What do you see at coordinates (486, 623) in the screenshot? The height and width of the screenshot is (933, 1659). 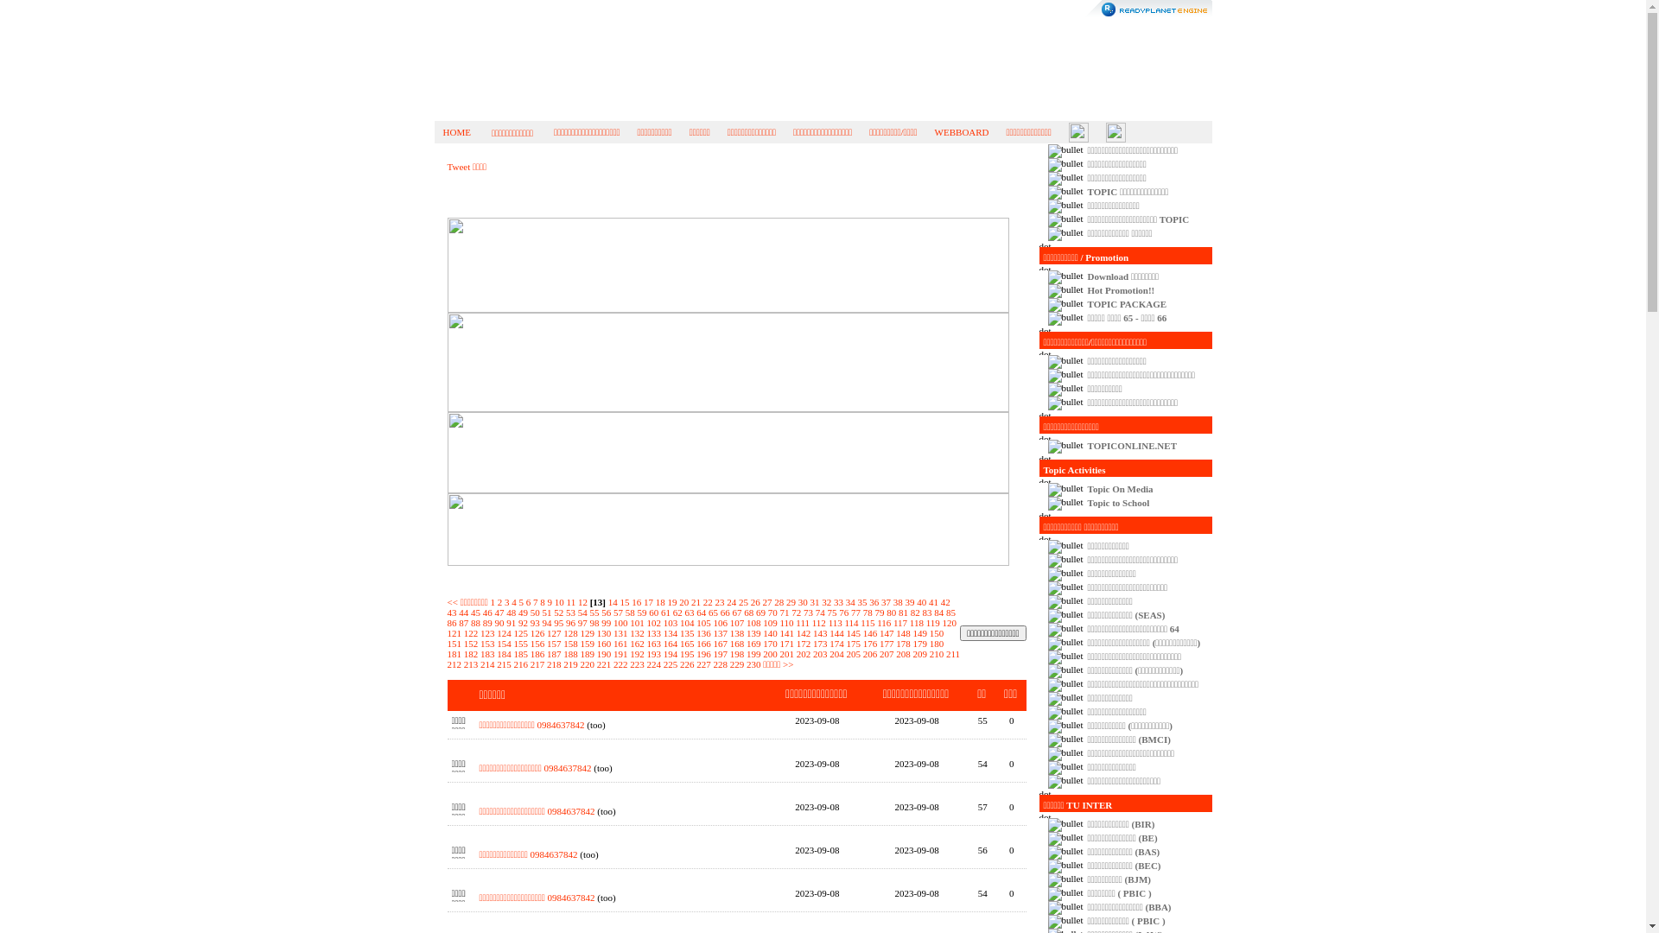 I see `'89'` at bounding box center [486, 623].